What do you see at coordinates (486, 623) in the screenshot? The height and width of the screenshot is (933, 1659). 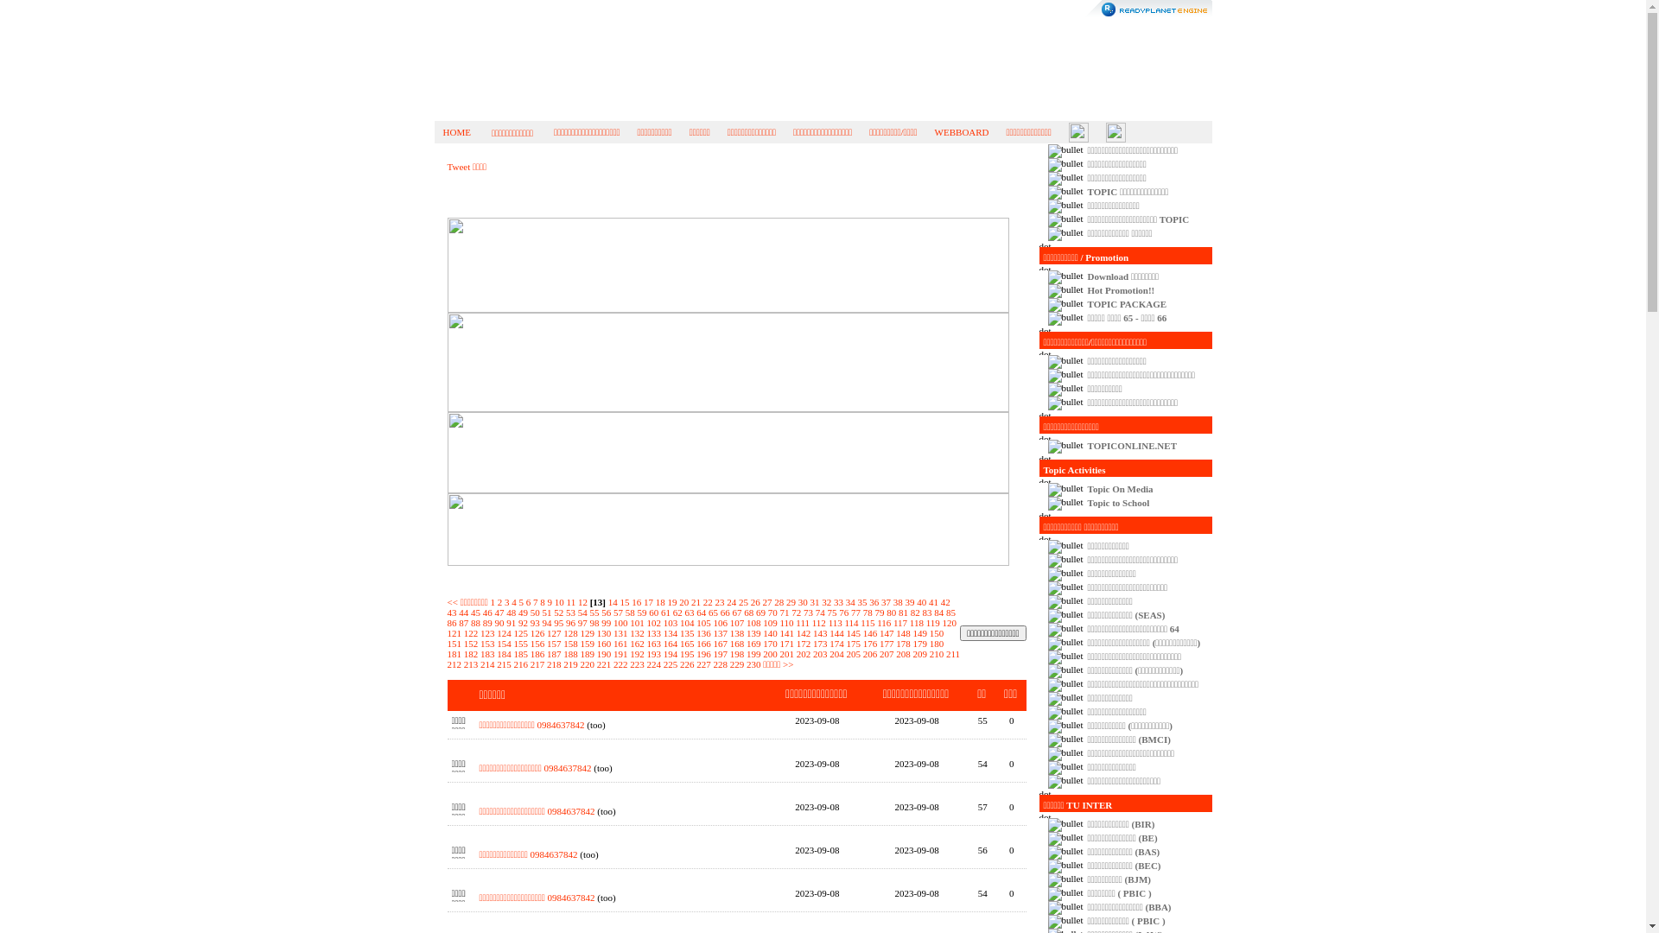 I see `'89'` at bounding box center [486, 623].